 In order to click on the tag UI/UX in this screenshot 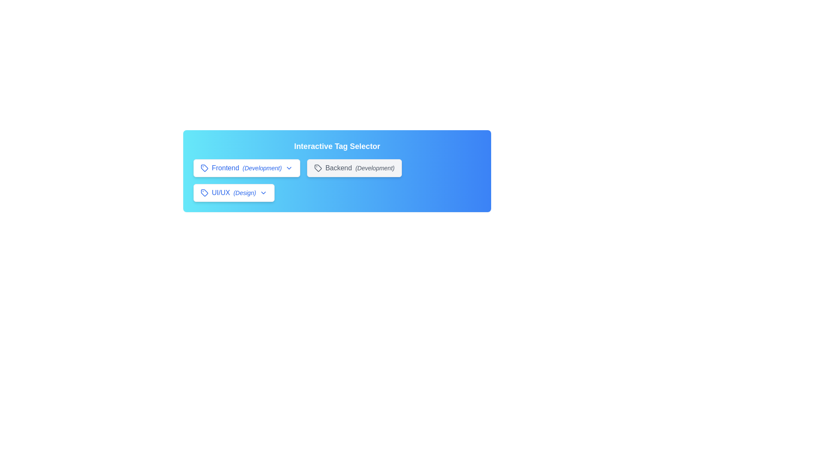, I will do `click(234, 193)`.